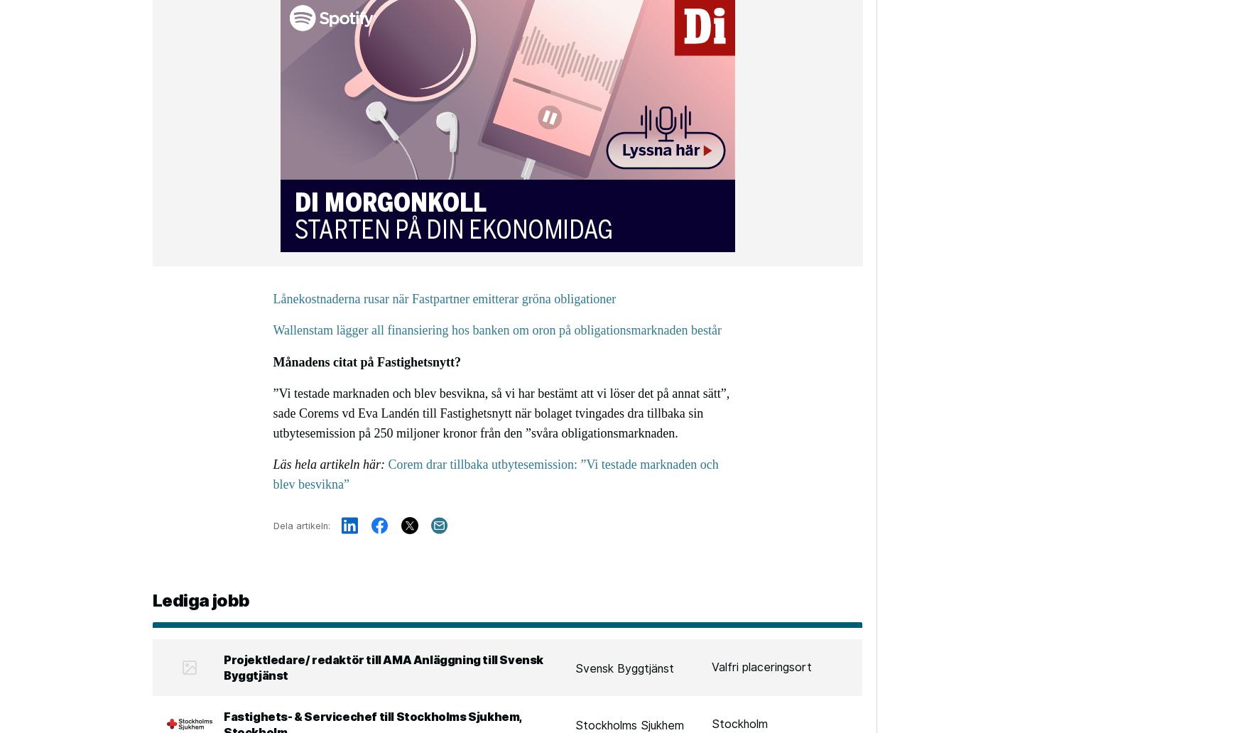 The height and width of the screenshot is (733, 1243). What do you see at coordinates (300, 524) in the screenshot?
I see `'Dela artikeln:'` at bounding box center [300, 524].